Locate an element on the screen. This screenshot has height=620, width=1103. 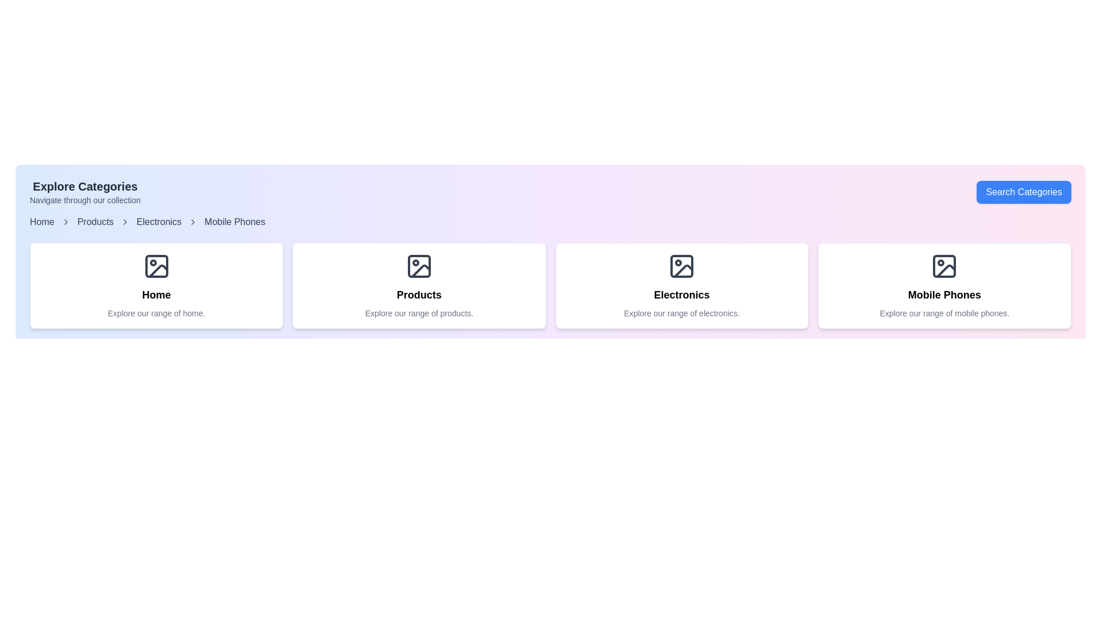
the 'Home' icon located at the center of the first card in a horizontal row of four cards, which visually represents the 'Home' category is located at coordinates (156, 266).